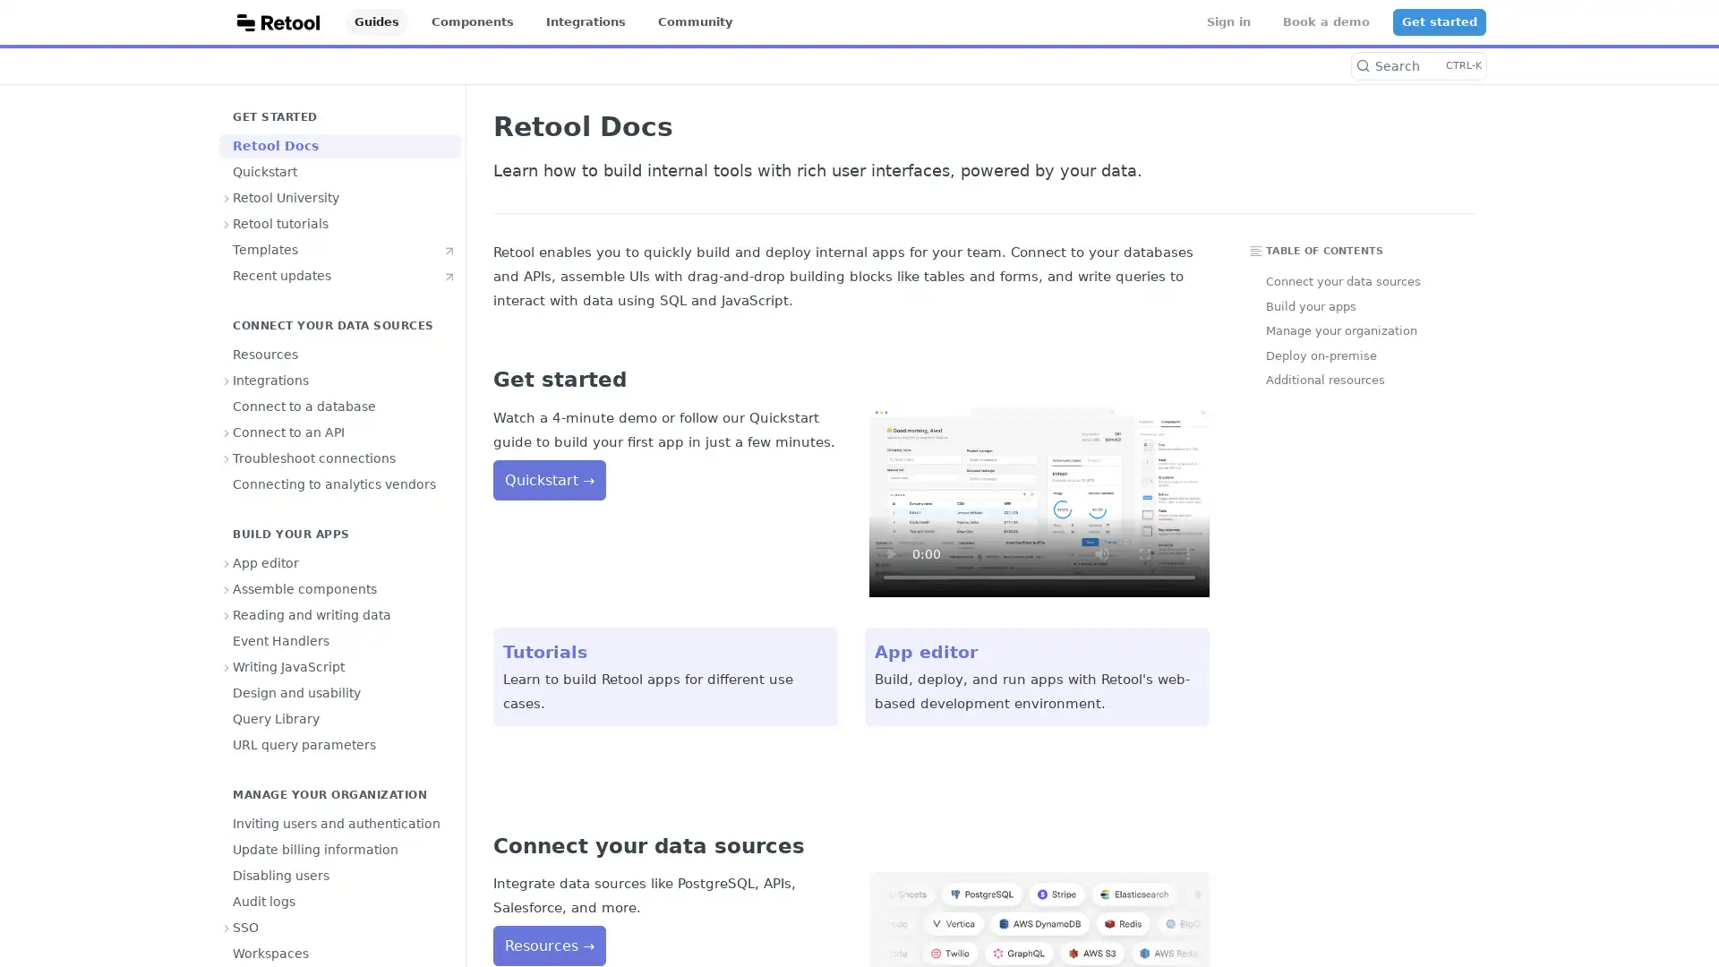 The width and height of the screenshot is (1719, 967). What do you see at coordinates (227, 458) in the screenshot?
I see `Show subpages for Troubleshoot connections` at bounding box center [227, 458].